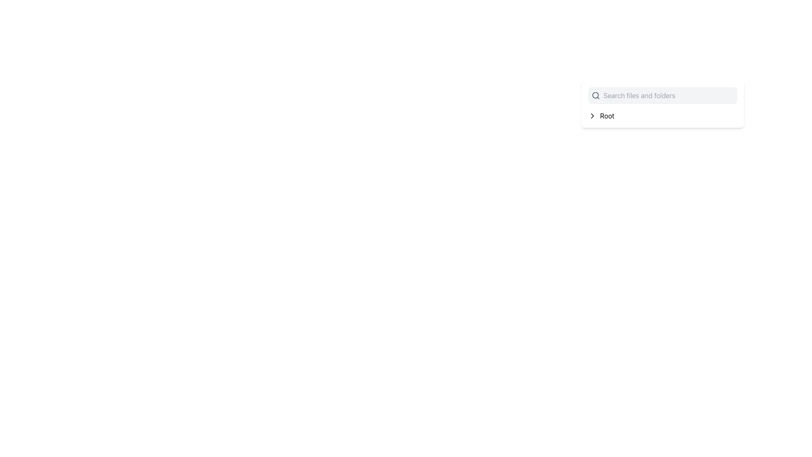 This screenshot has height=457, width=812. I want to click on the circular feature of the magnifying glass icon, which signifies search functionality, located at the far left of the search bar in the header area, so click(595, 95).